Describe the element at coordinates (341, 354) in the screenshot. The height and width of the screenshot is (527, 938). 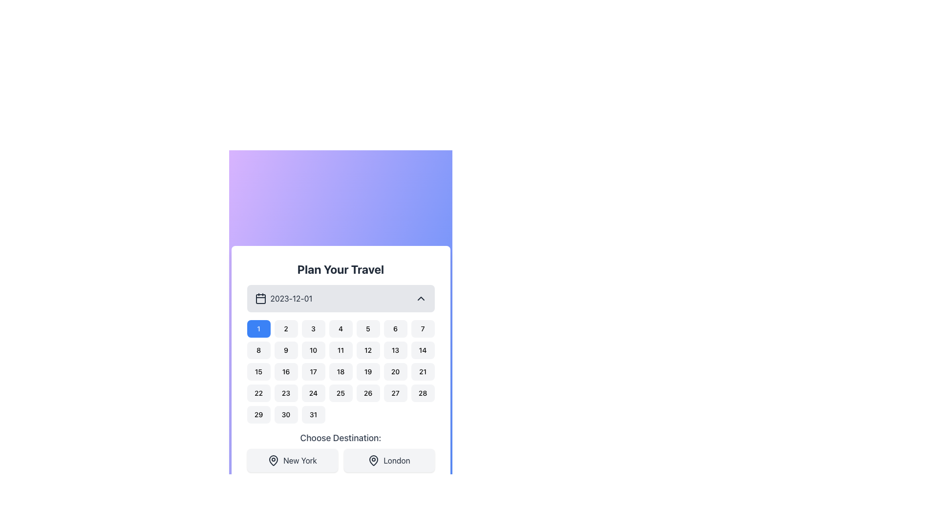
I see `the specific date button in the calendar grid located in the 'Plan Your Travel' section` at that location.